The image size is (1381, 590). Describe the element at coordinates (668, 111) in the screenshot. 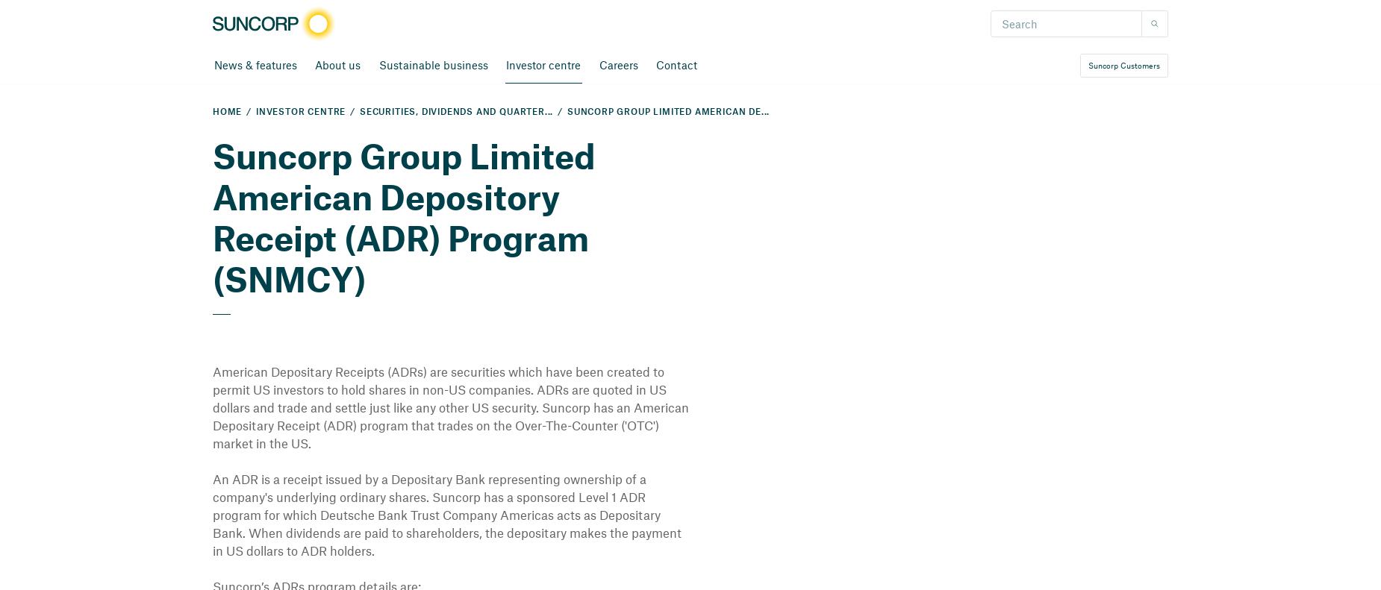

I see `'Suncorp Group Limited American De...'` at that location.